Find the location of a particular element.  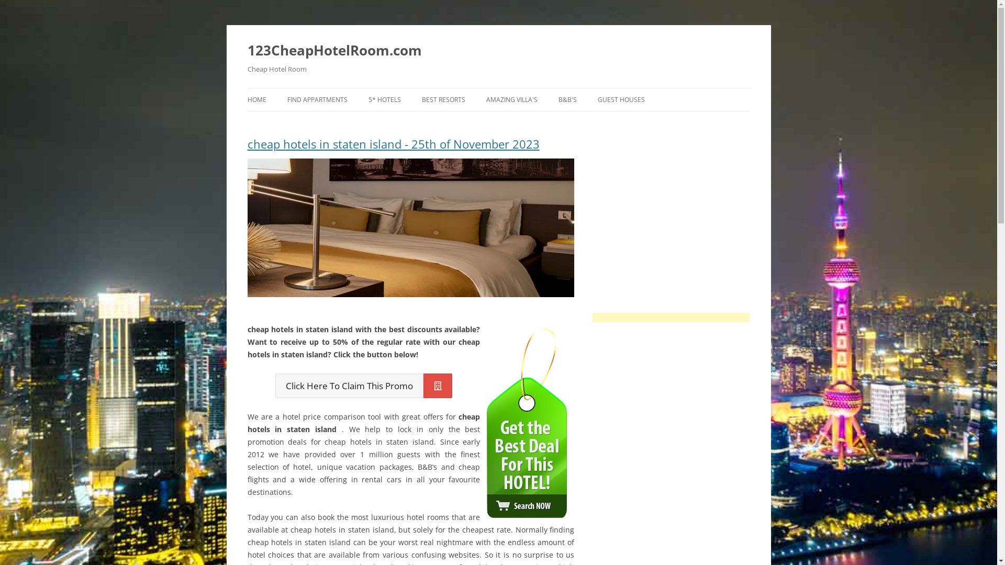

'Click Here To Claim This Promo' is located at coordinates (364, 386).